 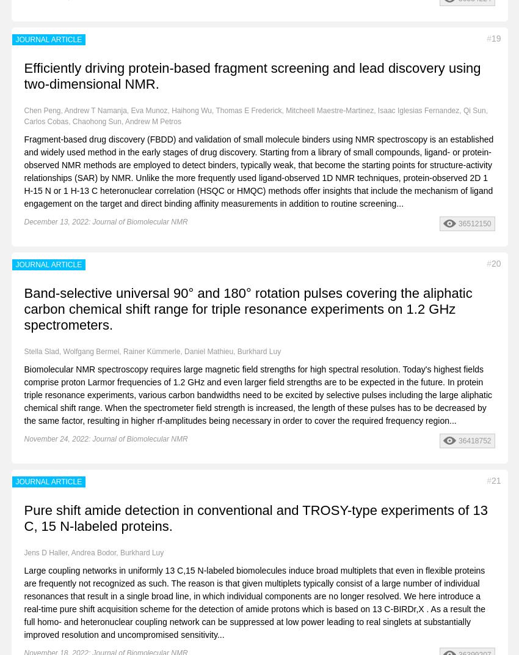 What do you see at coordinates (23, 552) in the screenshot?
I see `'Jens D Haller, Andrea Bodor, Burkhard Luy'` at bounding box center [23, 552].